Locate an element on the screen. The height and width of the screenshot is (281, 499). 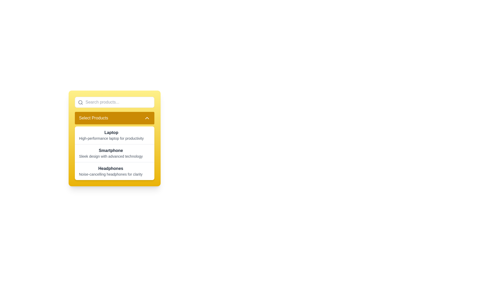
the list item labeled 'Headphones', which features a bold header and descriptive text is located at coordinates (110, 171).